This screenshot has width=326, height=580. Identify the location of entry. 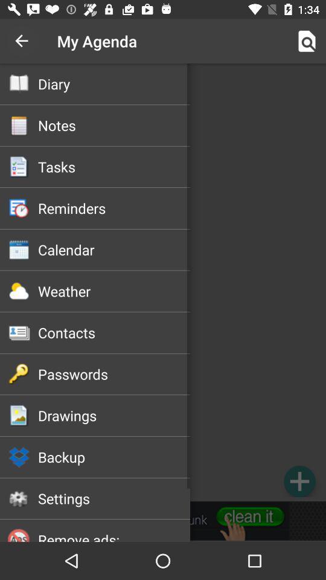
(299, 481).